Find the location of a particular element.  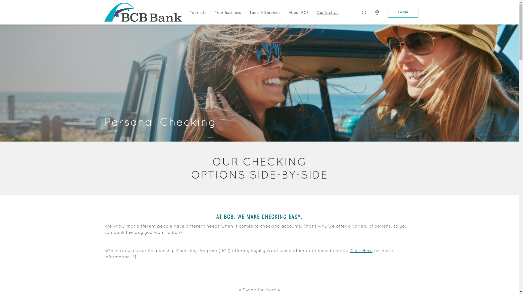

'BCB Bank, Bayonne, NJ' is located at coordinates (104, 12).